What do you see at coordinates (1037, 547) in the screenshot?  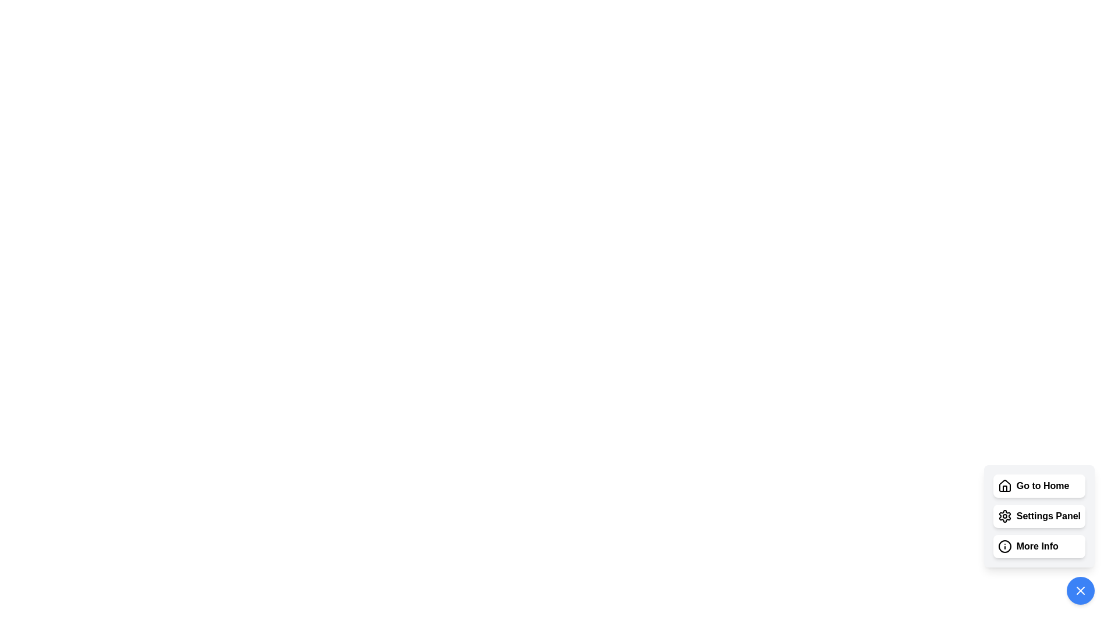 I see `the button that contains the text label positioned at the bottom-right corner of the page, which is the third item in a vertically-stacked list of buttons following 'Settings Panel' and 'Go to Home'` at bounding box center [1037, 547].